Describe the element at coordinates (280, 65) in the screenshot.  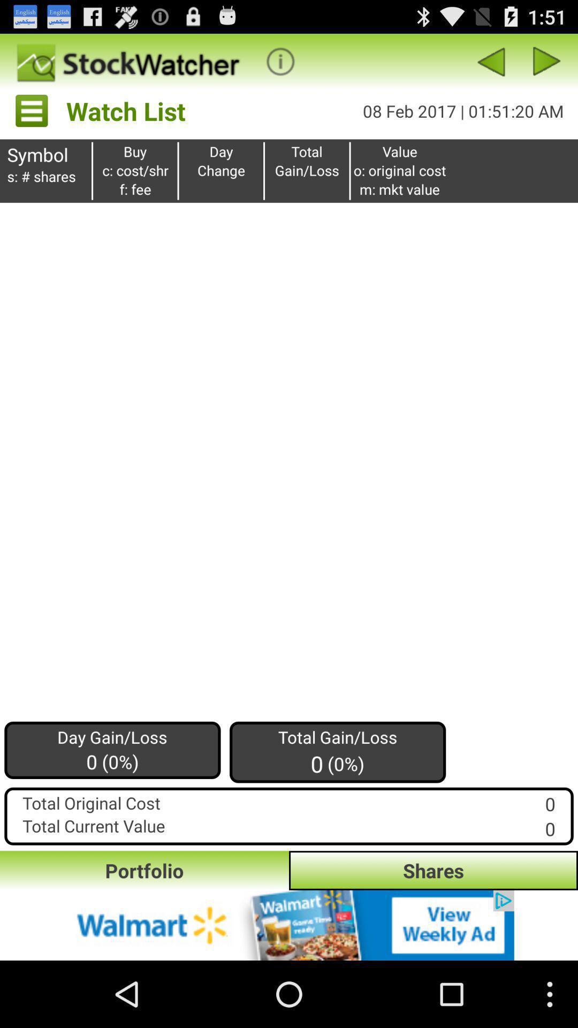
I see `the info icon` at that location.